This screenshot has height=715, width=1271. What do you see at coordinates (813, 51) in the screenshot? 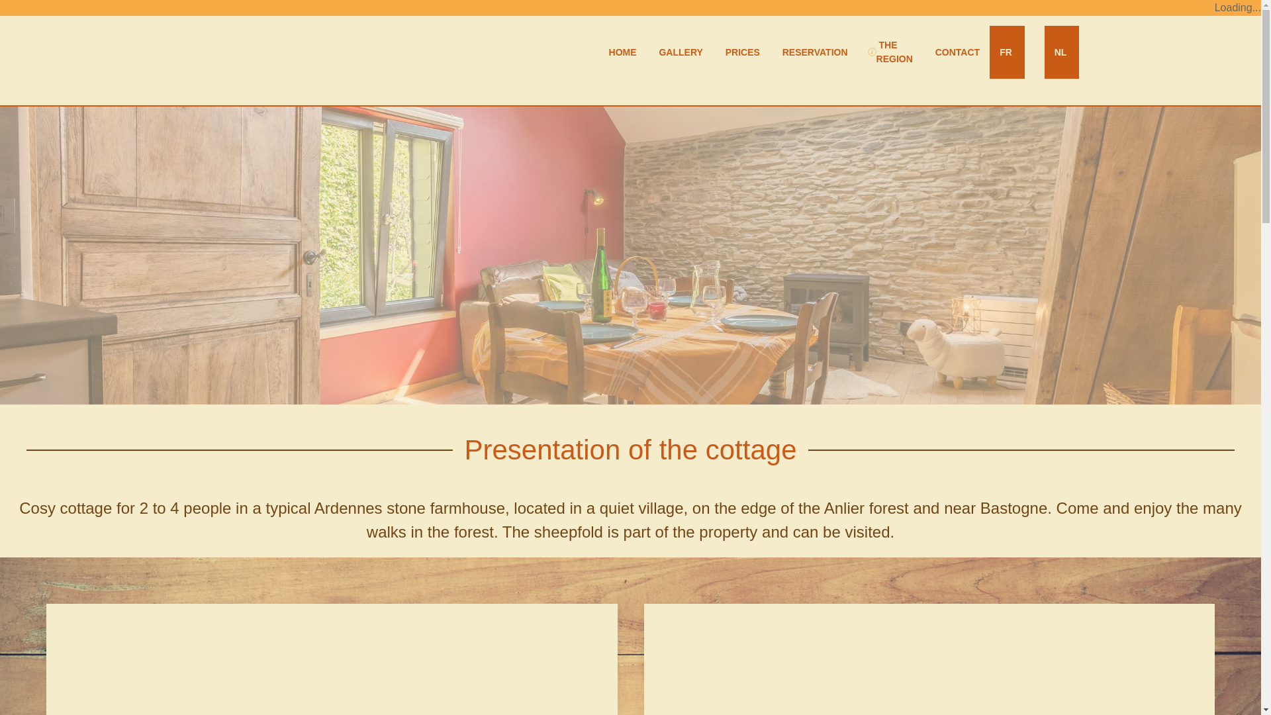
I see `' RESERVATION'` at bounding box center [813, 51].